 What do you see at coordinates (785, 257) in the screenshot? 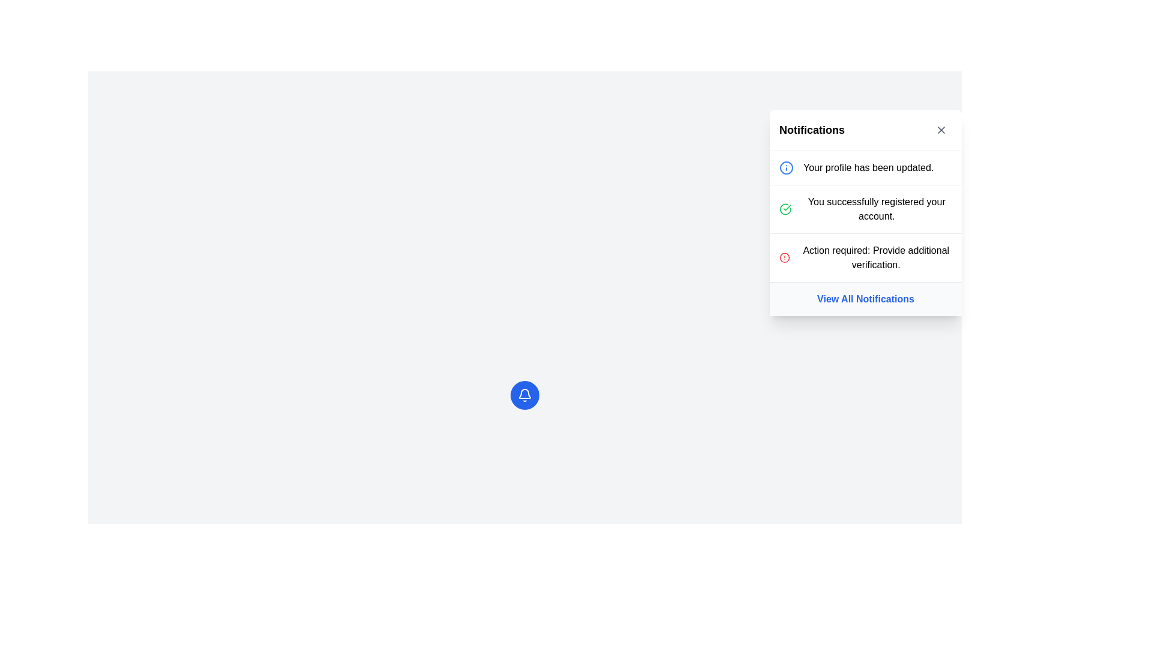
I see `the red circular icon representing alerts or warnings, located to the left of the notification text 'Action required: Provide additional verification.'` at bounding box center [785, 257].